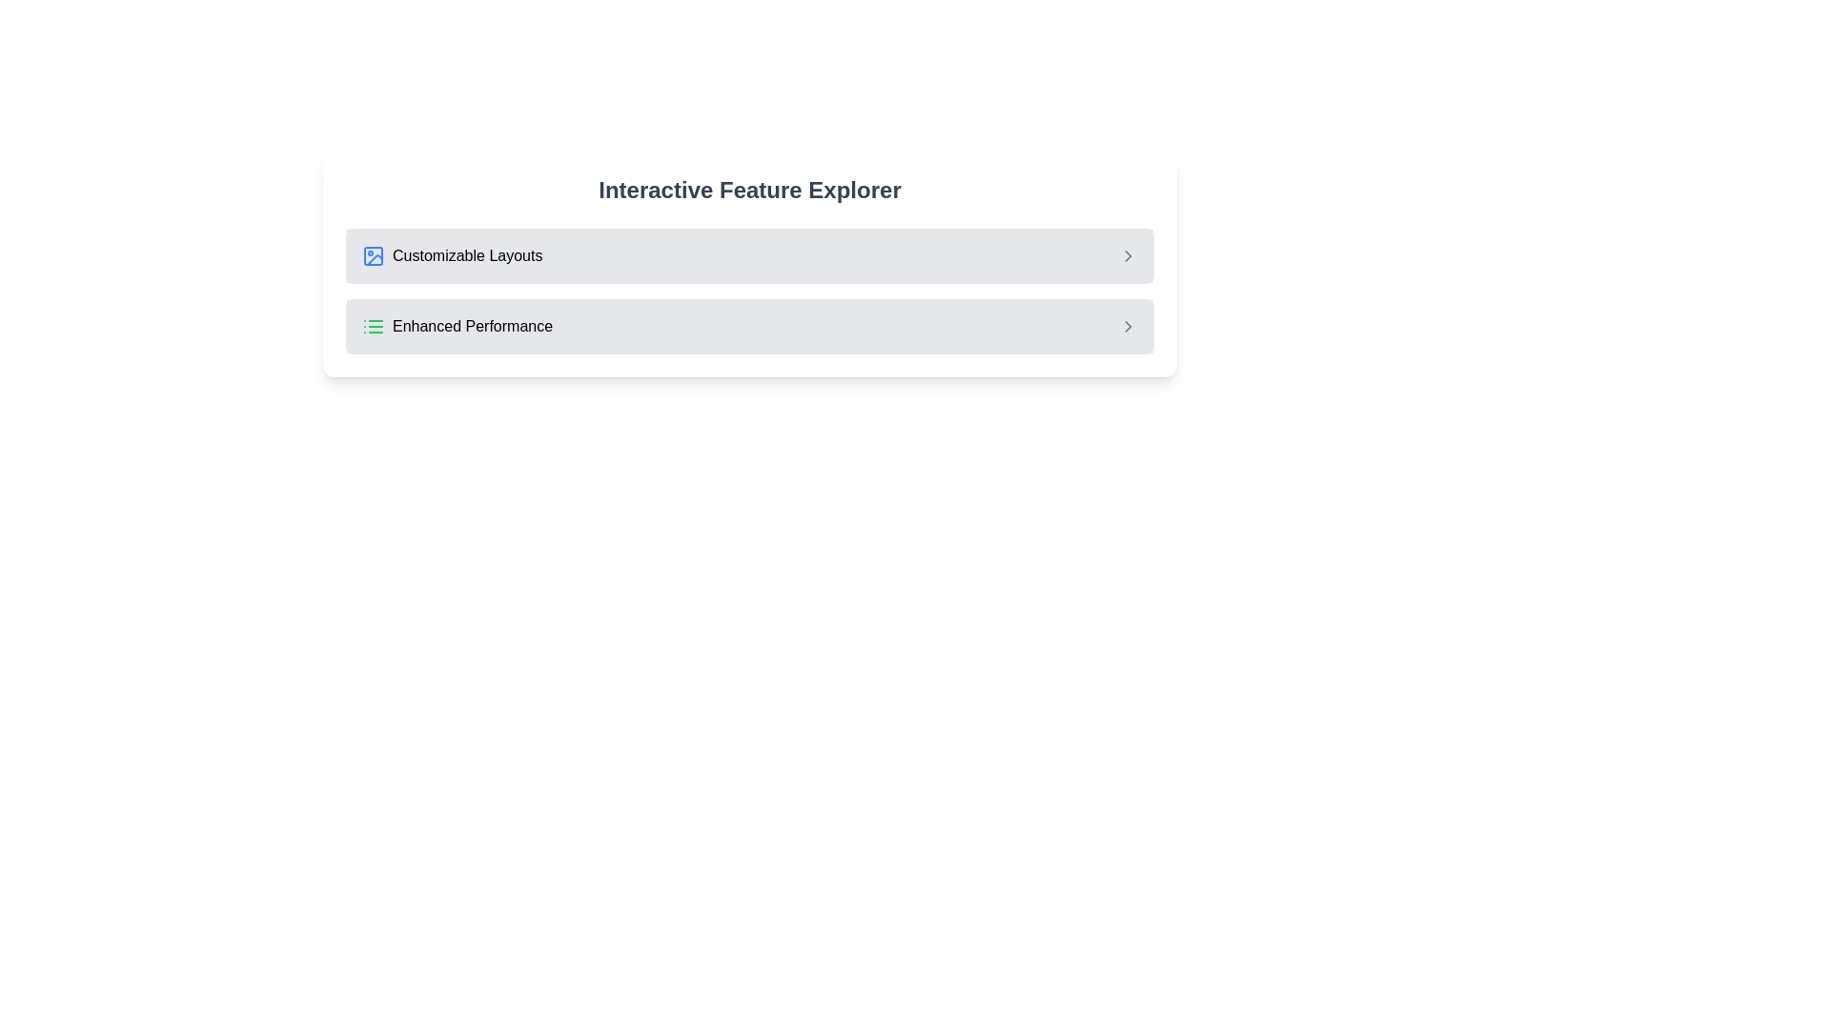  What do you see at coordinates (374, 255) in the screenshot?
I see `the geometric icon with a blue outline located to the left of the text 'Customizable Layouts.'` at bounding box center [374, 255].